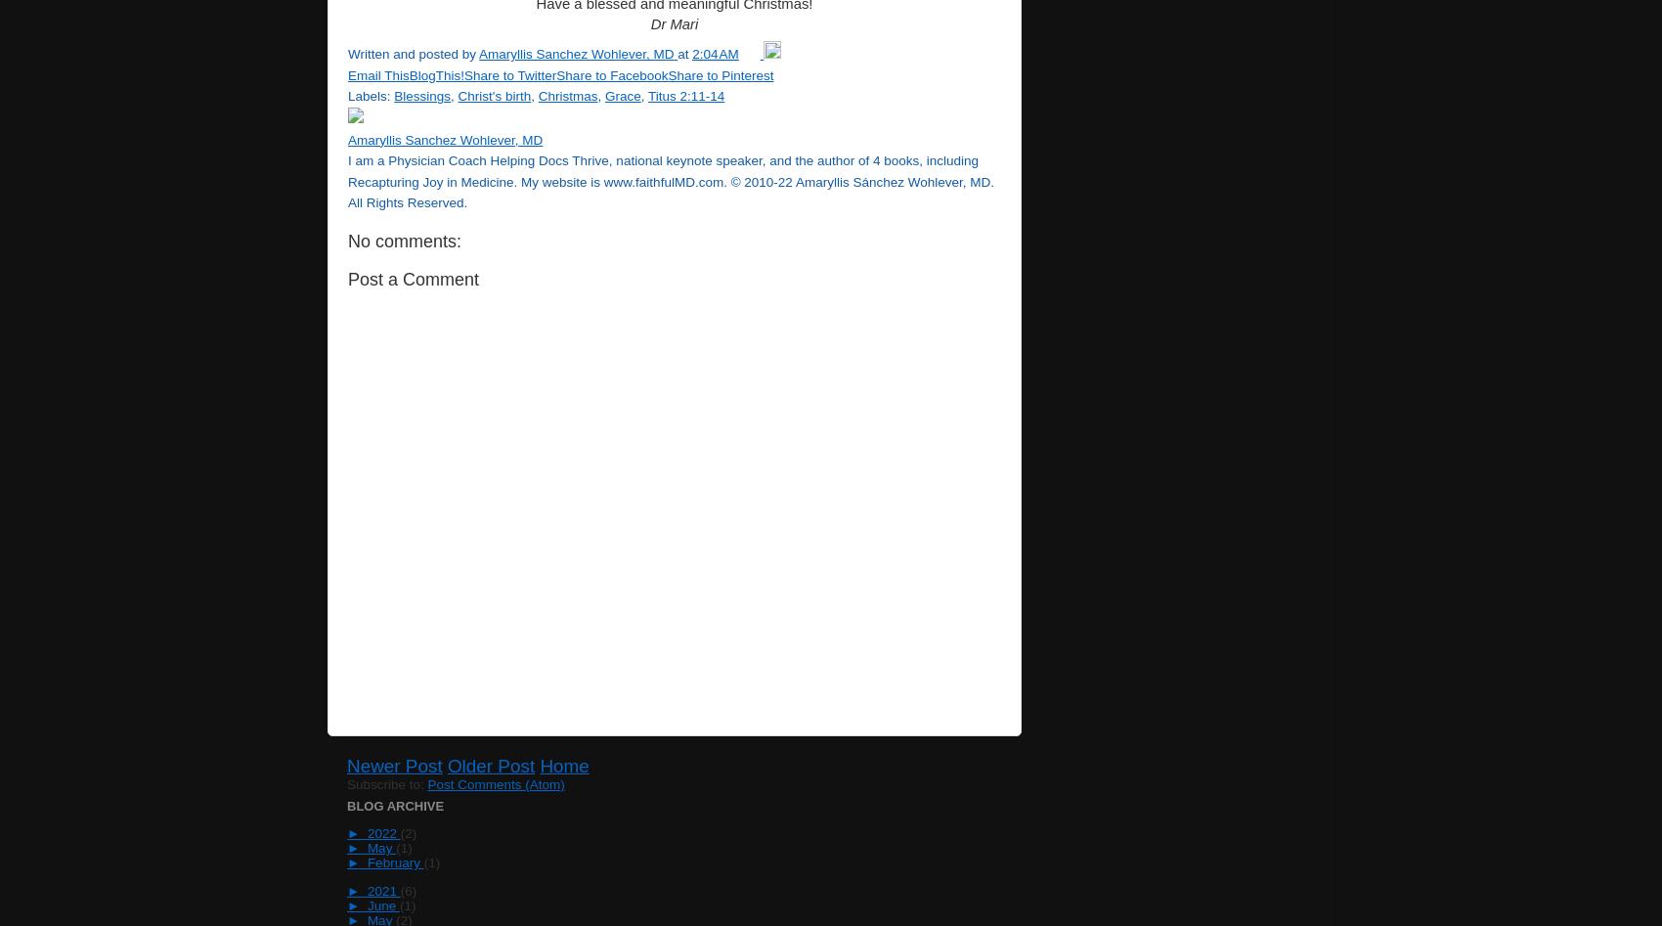 The image size is (1662, 926). I want to click on '(2)', so click(407, 833).